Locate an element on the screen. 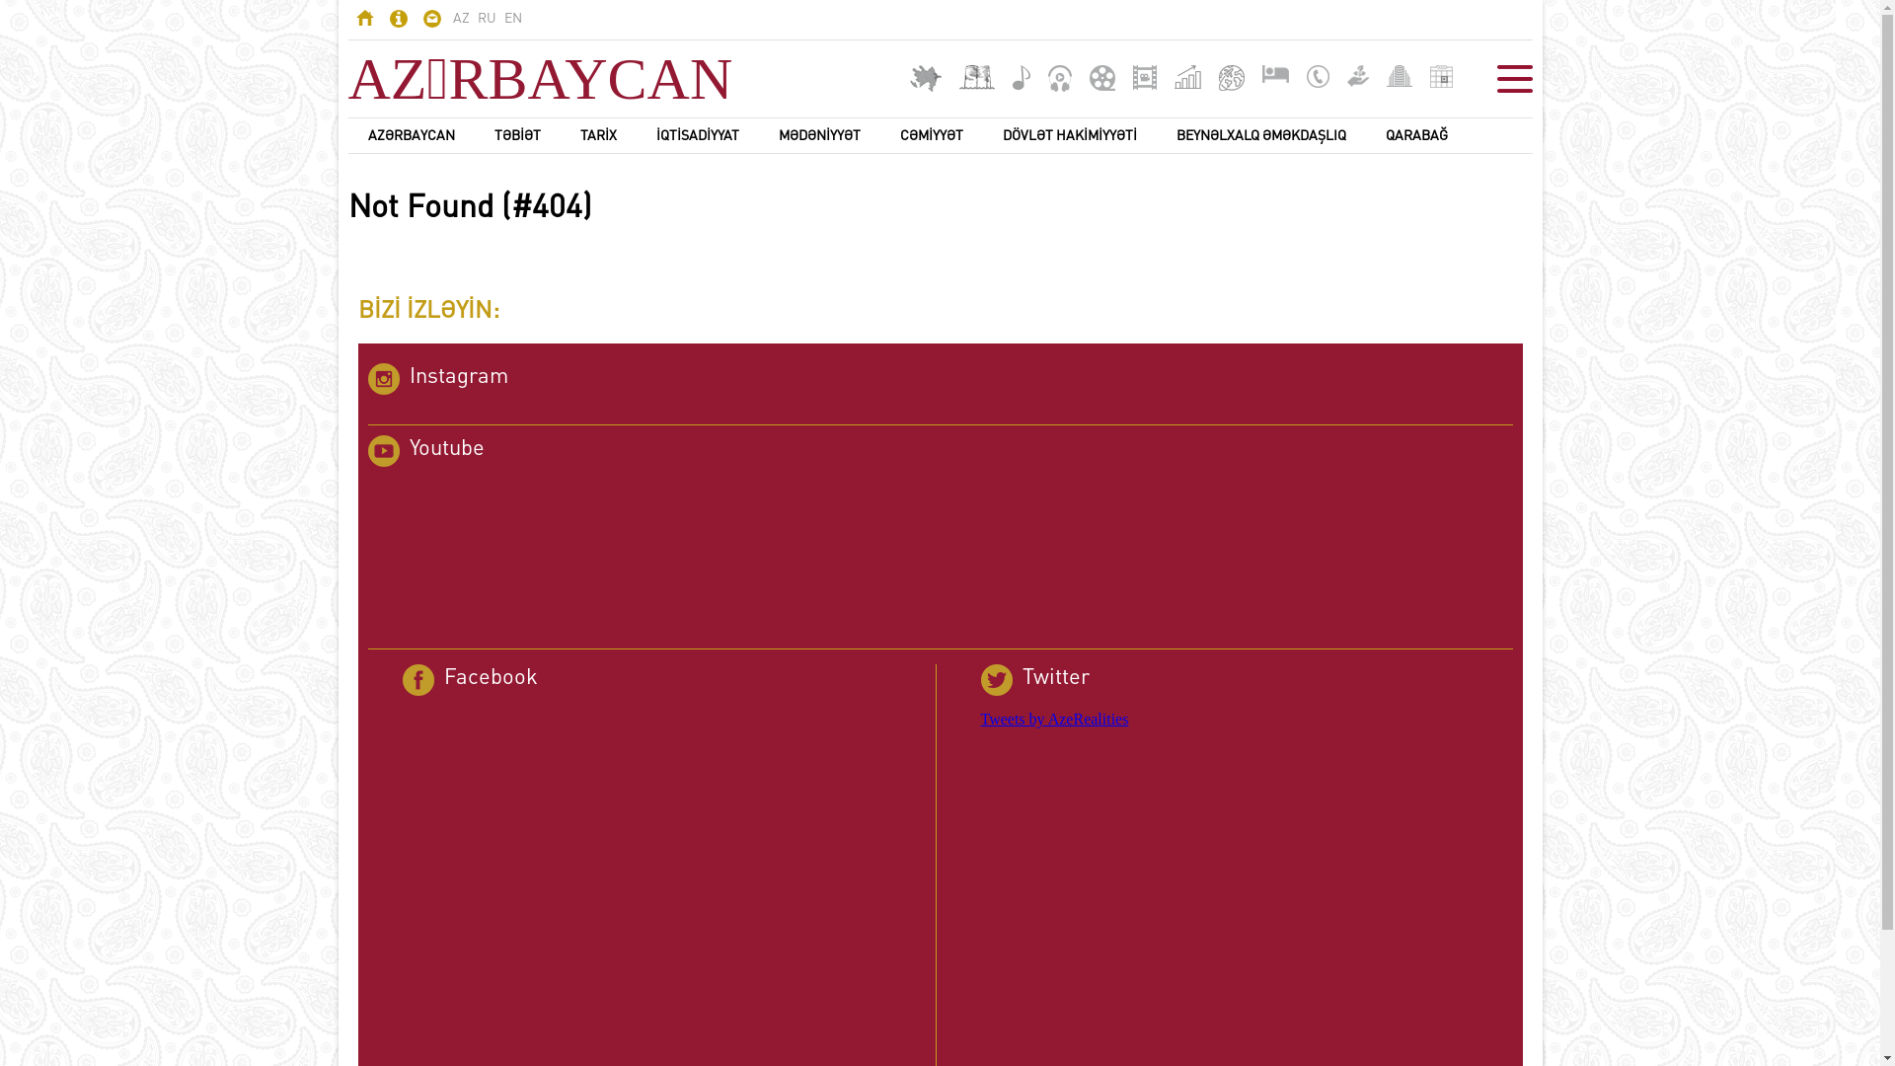  'Musiqi' is located at coordinates (1022, 76).